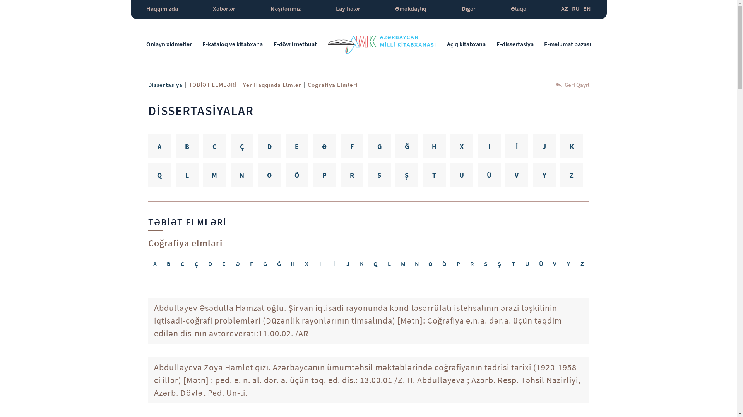 The width and height of the screenshot is (743, 417). What do you see at coordinates (555, 263) in the screenshot?
I see `'V'` at bounding box center [555, 263].